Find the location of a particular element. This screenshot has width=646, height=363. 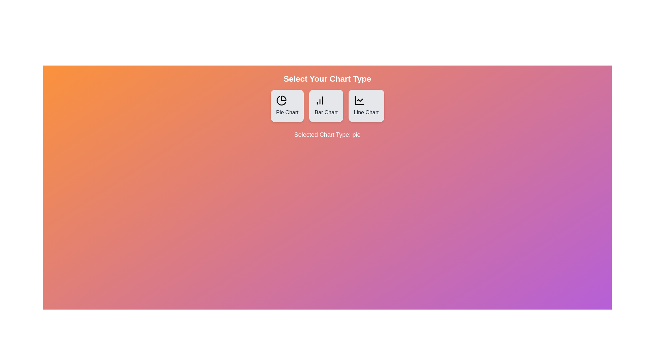

the button corresponding to the Bar Chart chart is located at coordinates (326, 106).